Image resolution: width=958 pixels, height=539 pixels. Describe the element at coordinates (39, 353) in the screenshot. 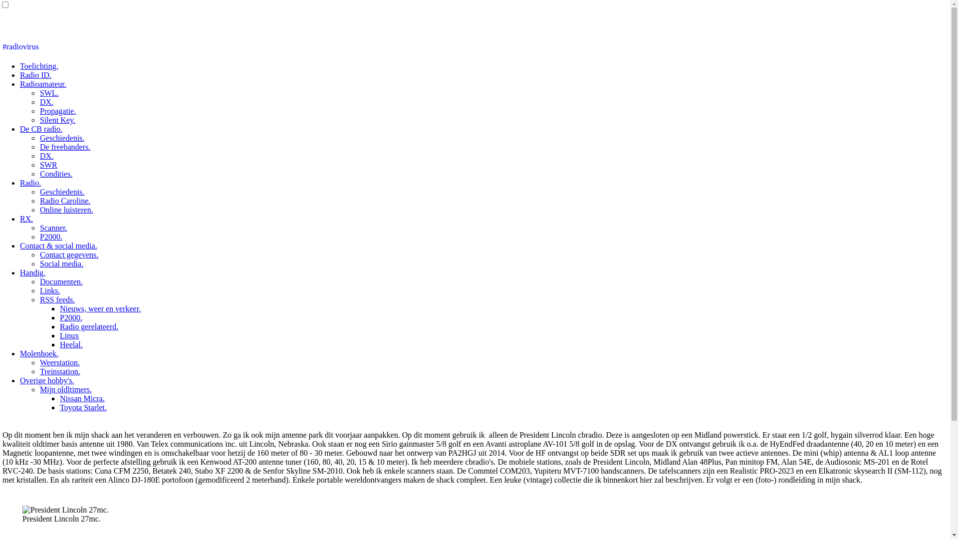

I see `'Molenhoek.'` at that location.